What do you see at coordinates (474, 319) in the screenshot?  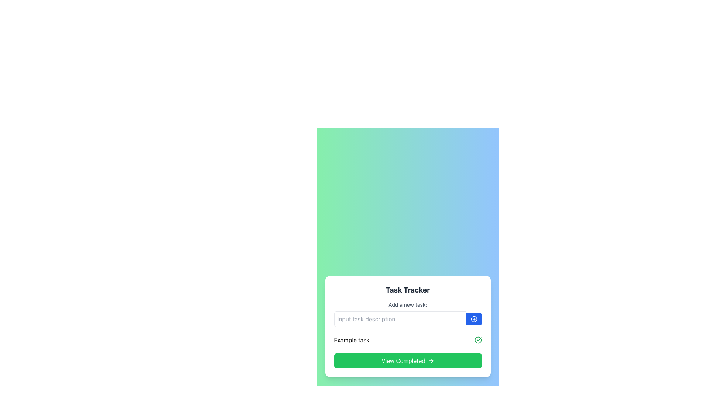 I see `the circular button with a plus sign icon, which is located on a blue background to the right of the 'Input task description' text input field` at bounding box center [474, 319].